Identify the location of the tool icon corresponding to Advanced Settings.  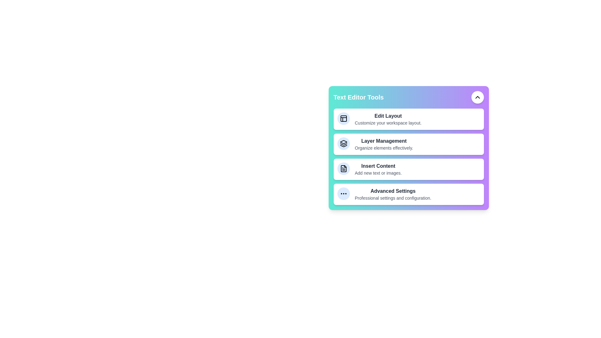
(343, 193).